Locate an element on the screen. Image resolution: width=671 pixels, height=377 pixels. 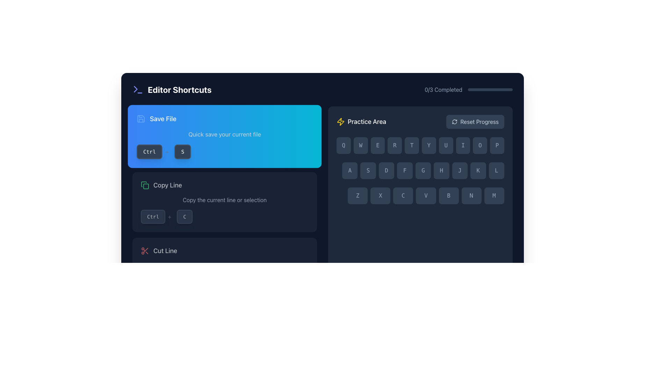
the seventh button in the second row of the keyboard-like arrangement in the 'Practice Area' to input the letter 'J' is located at coordinates (460, 171).